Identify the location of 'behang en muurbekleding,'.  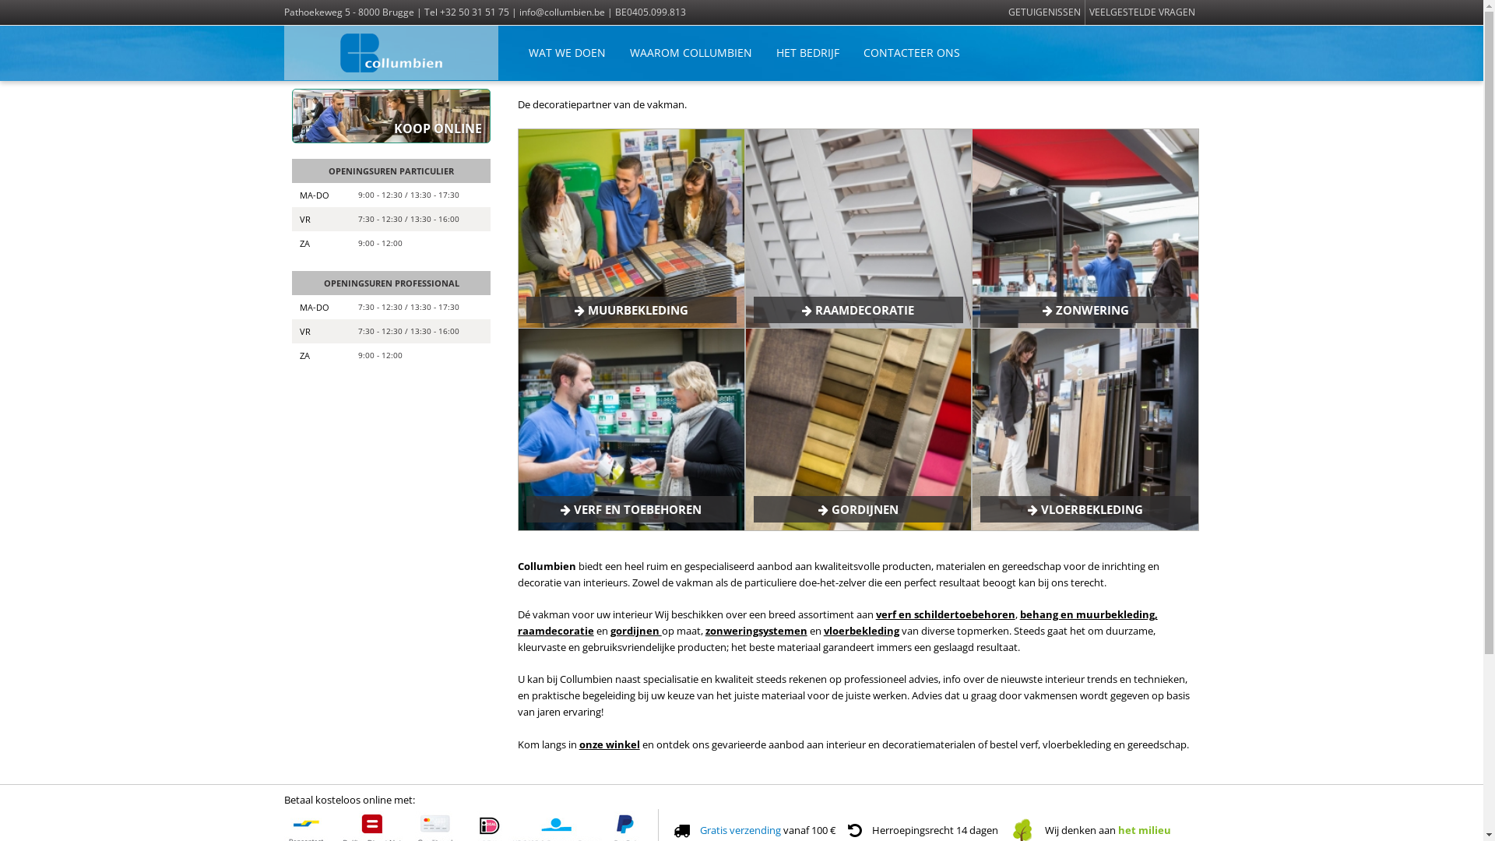
(1088, 614).